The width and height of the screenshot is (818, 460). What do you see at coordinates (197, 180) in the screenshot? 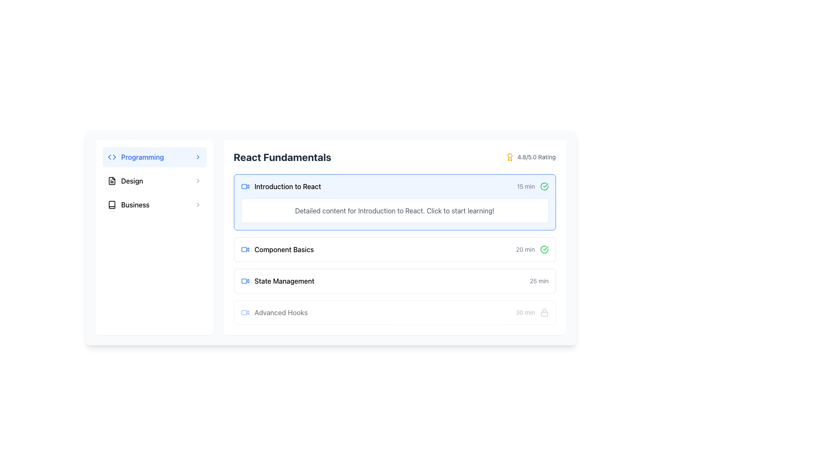
I see `the chevron icon next to the 'Design' item in the navigation menu` at bounding box center [197, 180].